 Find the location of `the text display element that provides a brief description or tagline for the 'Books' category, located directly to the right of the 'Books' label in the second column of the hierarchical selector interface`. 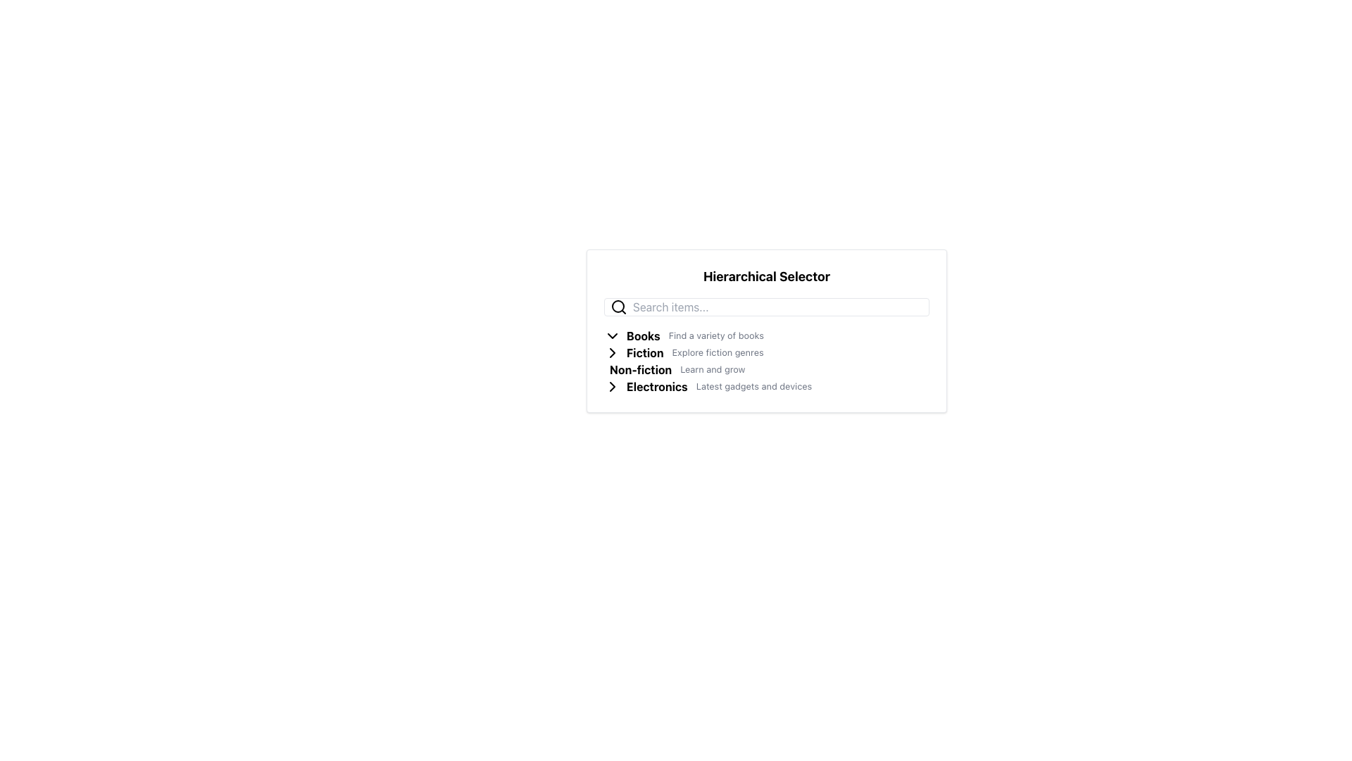

the text display element that provides a brief description or tagline for the 'Books' category, located directly to the right of the 'Books' label in the second column of the hierarchical selector interface is located at coordinates (716, 336).